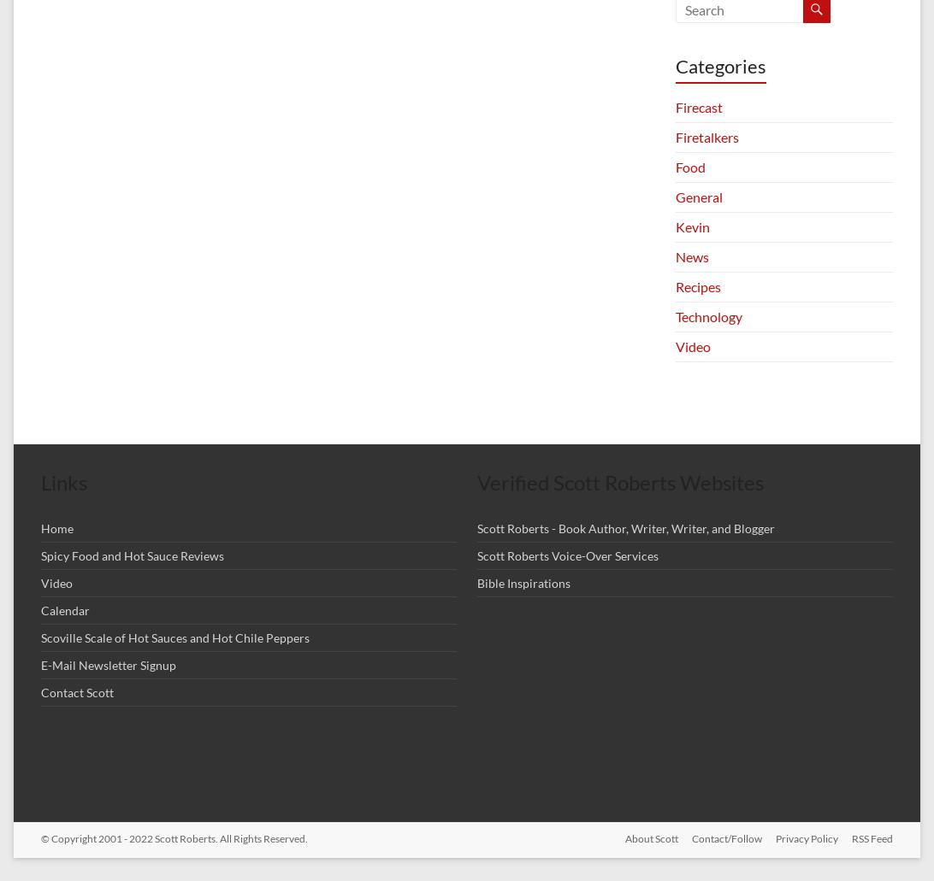  What do you see at coordinates (77, 691) in the screenshot?
I see `'Contact Scott'` at bounding box center [77, 691].